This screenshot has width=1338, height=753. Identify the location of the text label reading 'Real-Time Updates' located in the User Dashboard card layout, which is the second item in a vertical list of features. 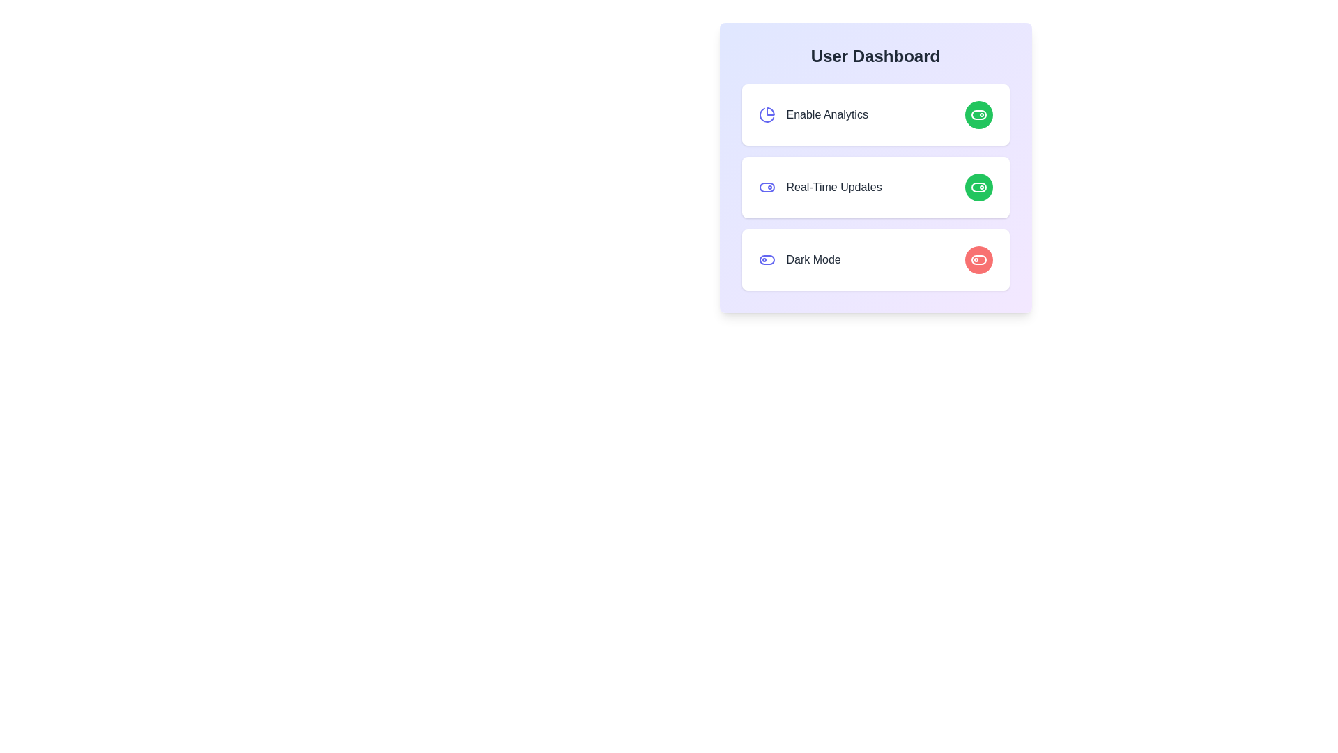
(834, 187).